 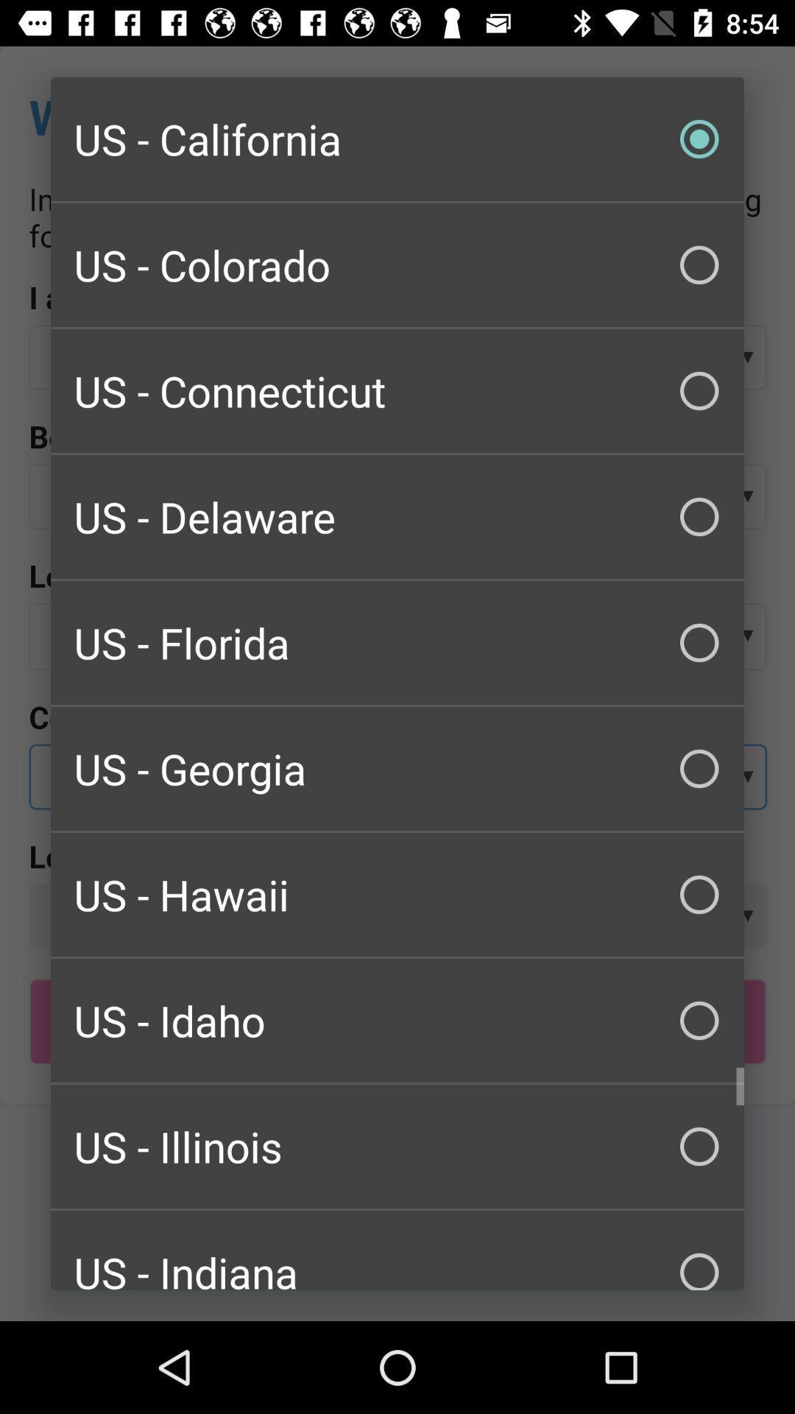 I want to click on the icon above the us - connecticut, so click(x=397, y=265).